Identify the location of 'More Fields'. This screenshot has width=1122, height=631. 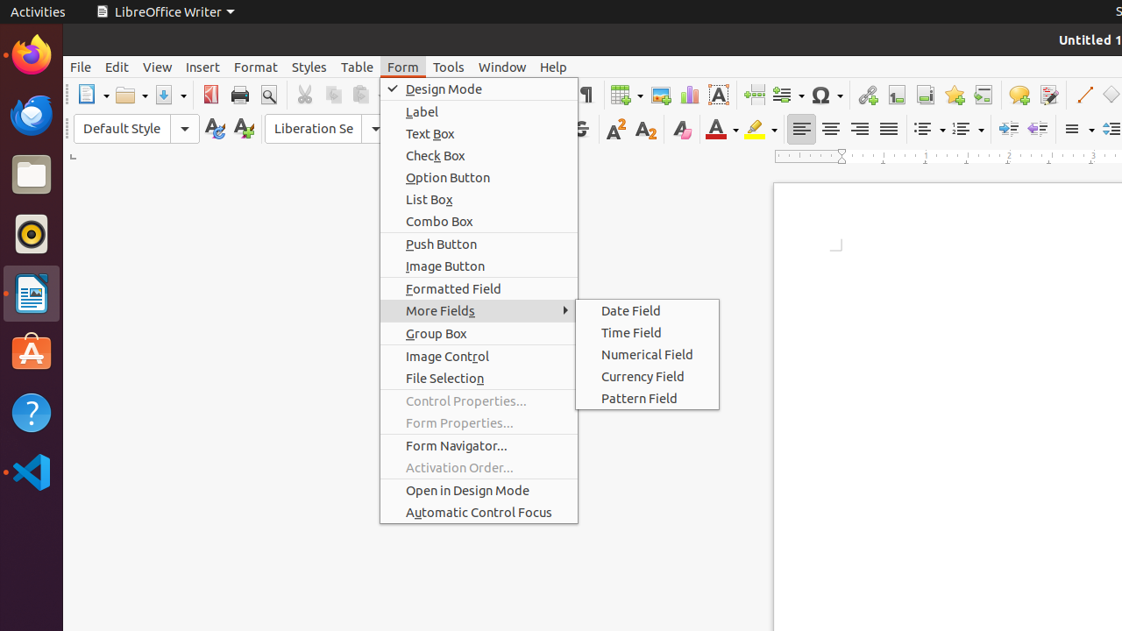
(479, 309).